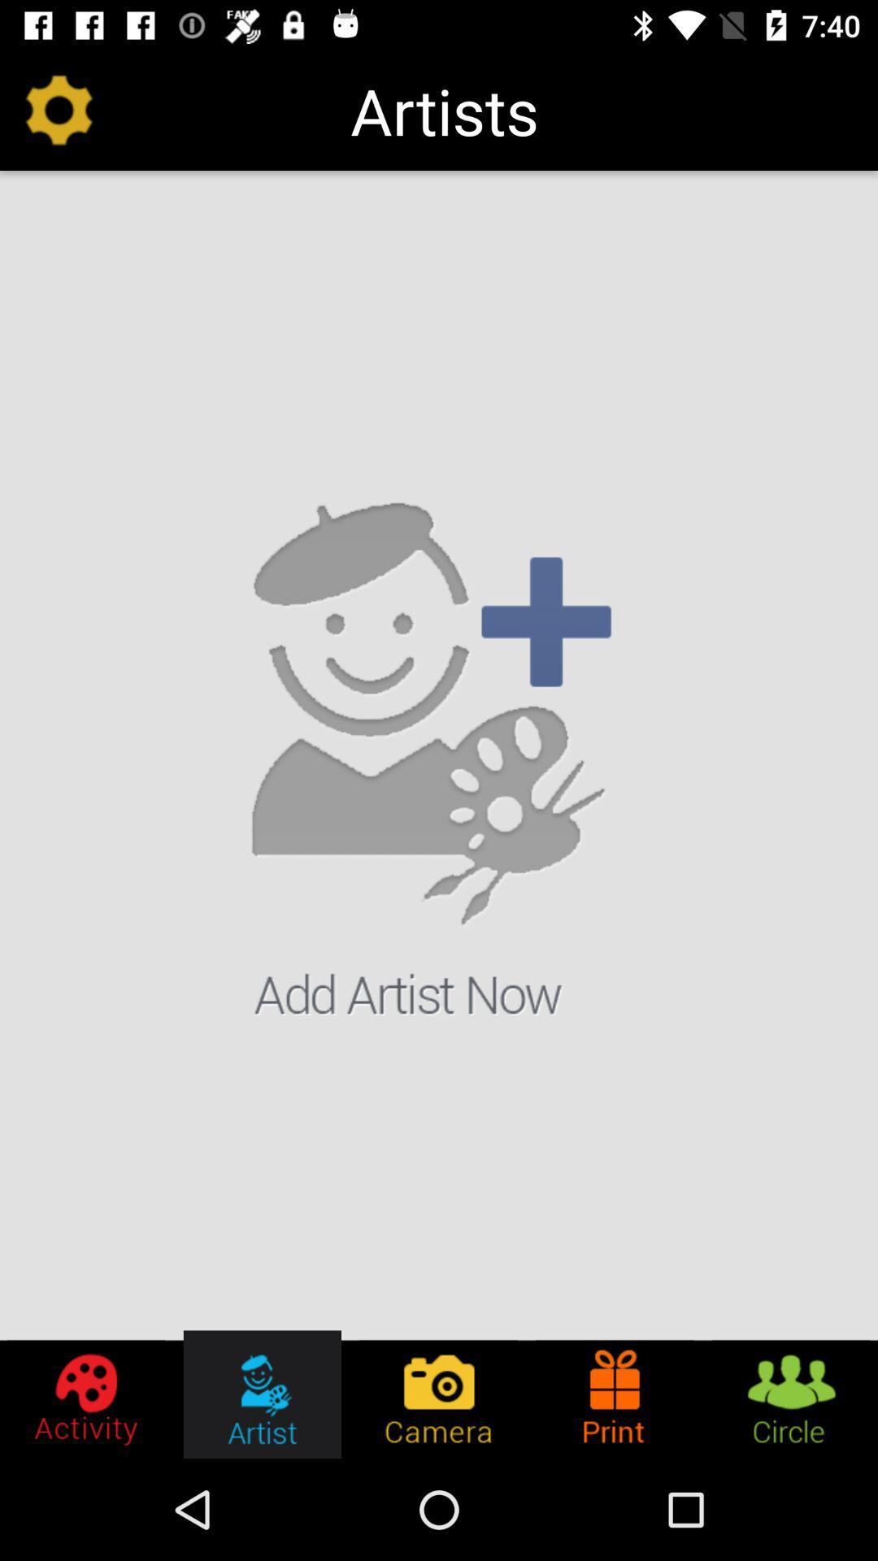 This screenshot has height=1561, width=878. What do you see at coordinates (87, 1394) in the screenshot?
I see `the settings icon` at bounding box center [87, 1394].